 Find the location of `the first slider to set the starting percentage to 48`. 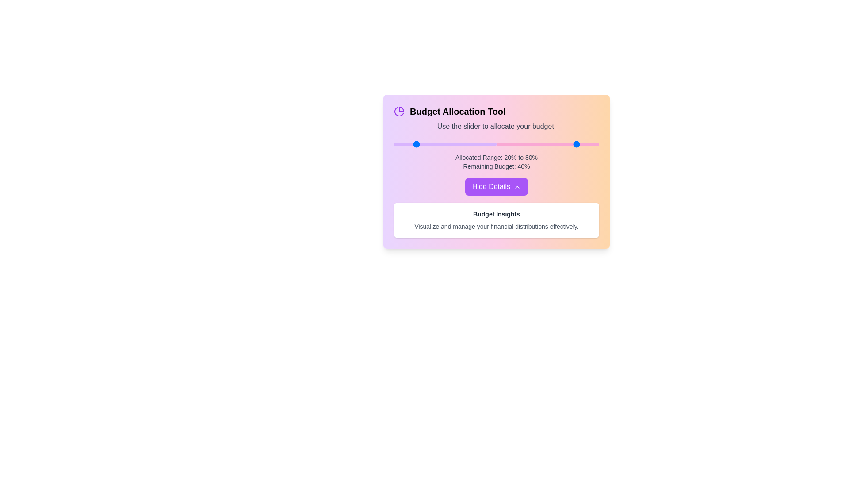

the first slider to set the starting percentage to 48 is located at coordinates (443, 144).